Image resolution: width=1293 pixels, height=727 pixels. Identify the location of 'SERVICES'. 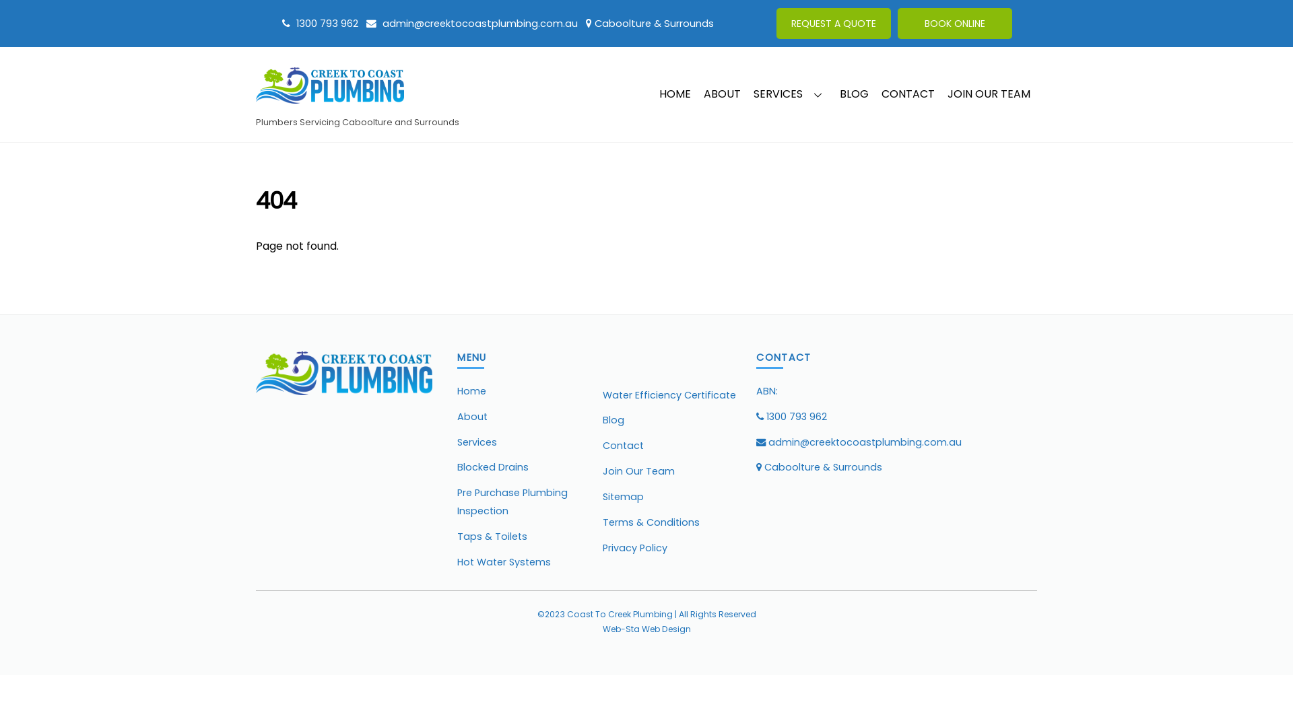
(791, 94).